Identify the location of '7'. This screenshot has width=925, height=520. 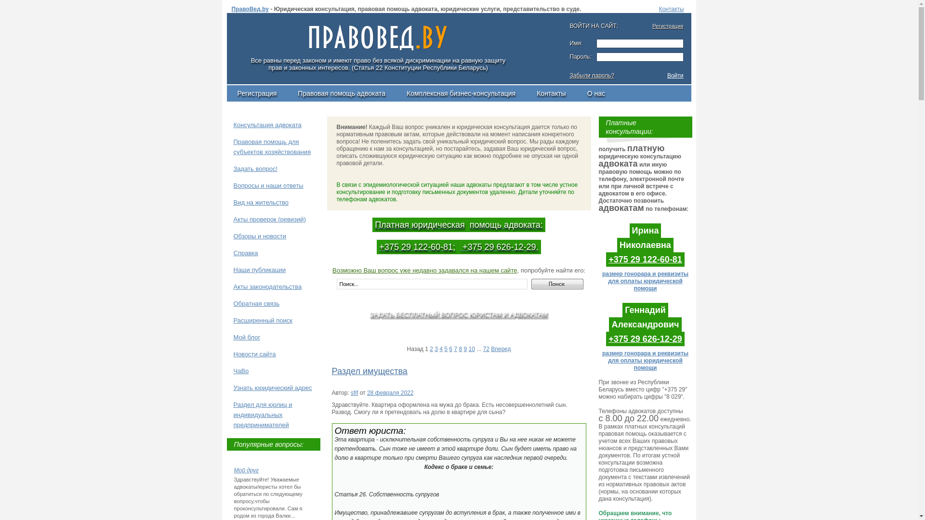
(455, 349).